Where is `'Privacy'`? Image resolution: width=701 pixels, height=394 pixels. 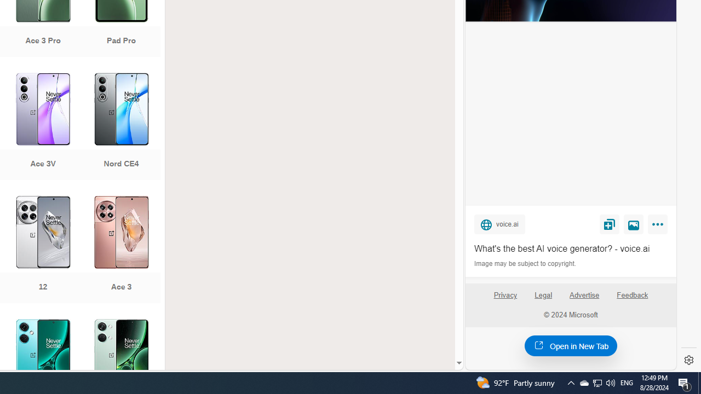
'Privacy' is located at coordinates (504, 299).